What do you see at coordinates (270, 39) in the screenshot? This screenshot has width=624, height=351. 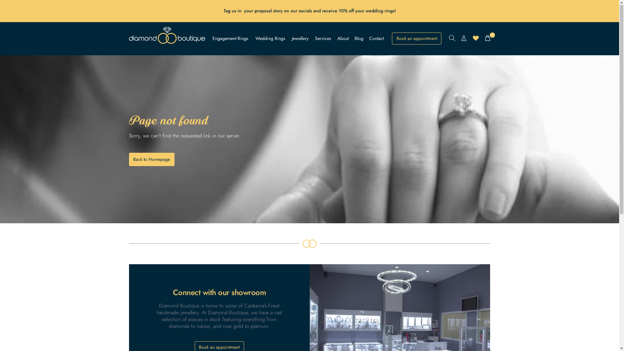 I see `'Wedding Rings'` at bounding box center [270, 39].